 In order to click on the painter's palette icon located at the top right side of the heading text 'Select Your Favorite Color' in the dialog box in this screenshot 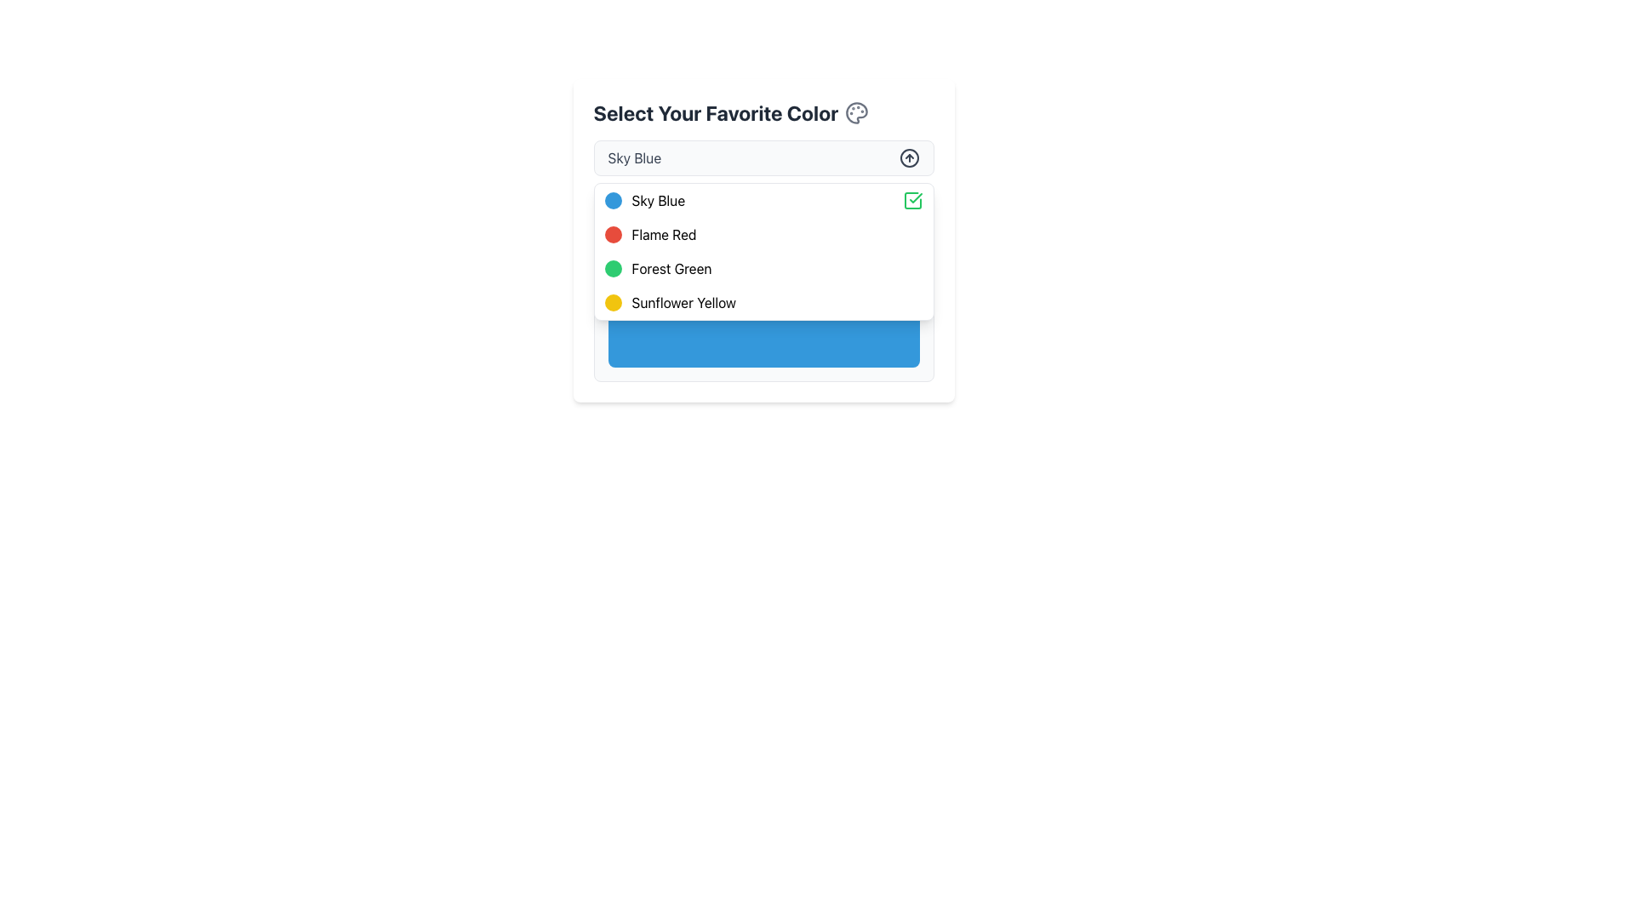, I will do `click(857, 112)`.